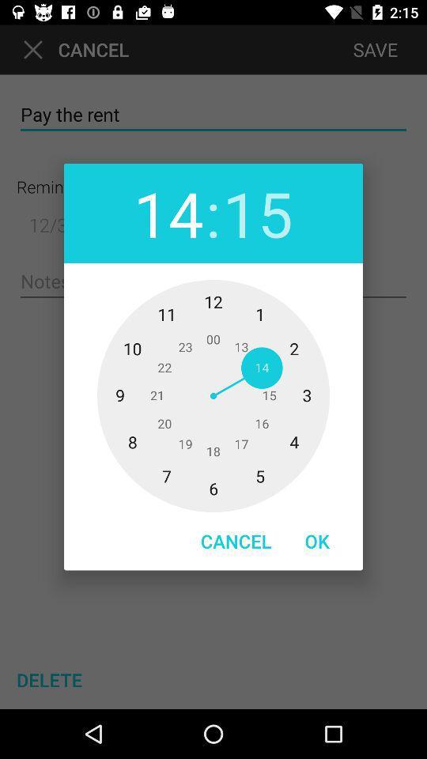  Describe the element at coordinates (258, 212) in the screenshot. I see `the 15 icon` at that location.